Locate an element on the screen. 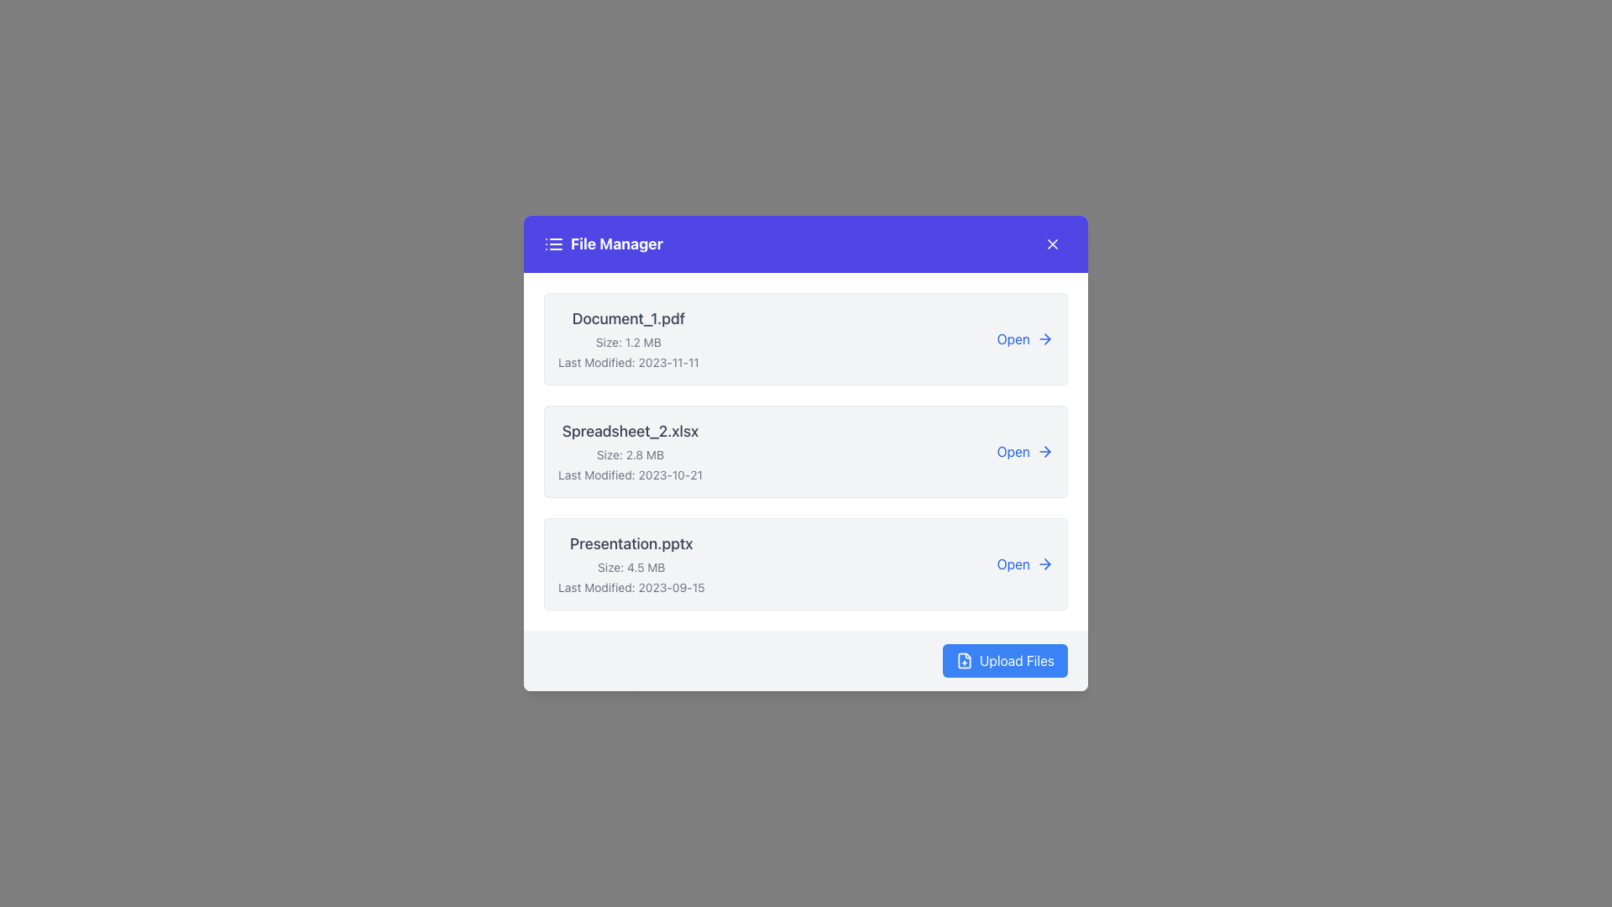 The height and width of the screenshot is (907, 1612). the menu icon located in the top-left corner of the modal window, inside the purple banner is located at coordinates (554, 244).